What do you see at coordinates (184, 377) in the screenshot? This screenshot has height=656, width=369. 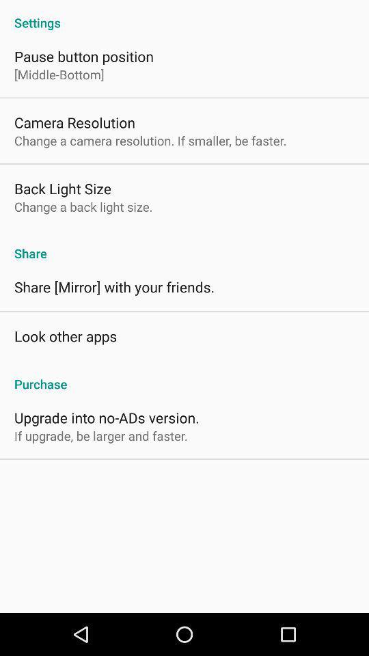 I see `the purchase app` at bounding box center [184, 377].